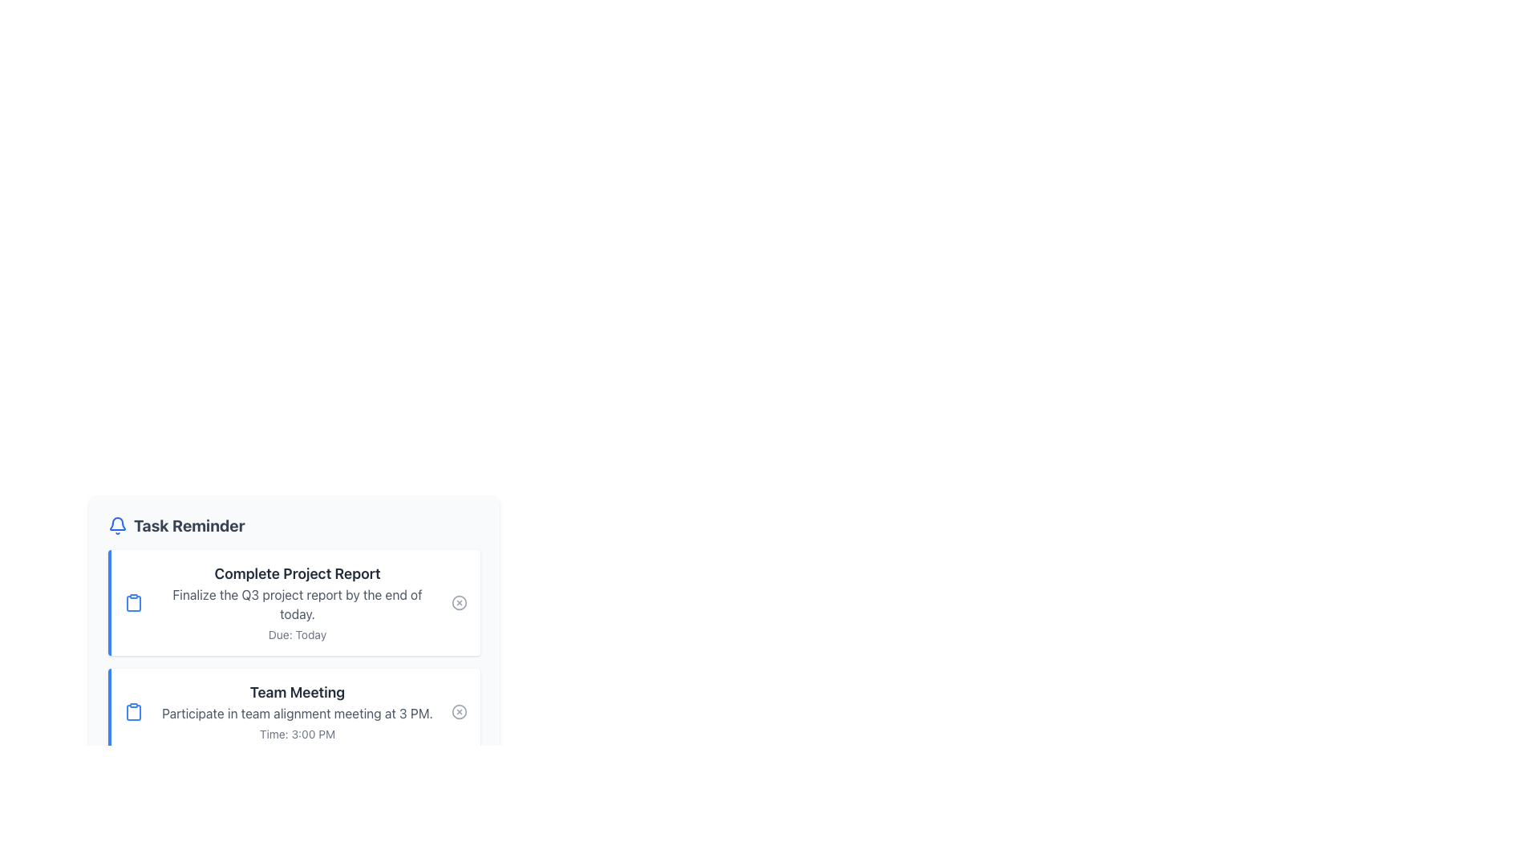  I want to click on the task title or card in the Task Overview Component, so click(294, 652).